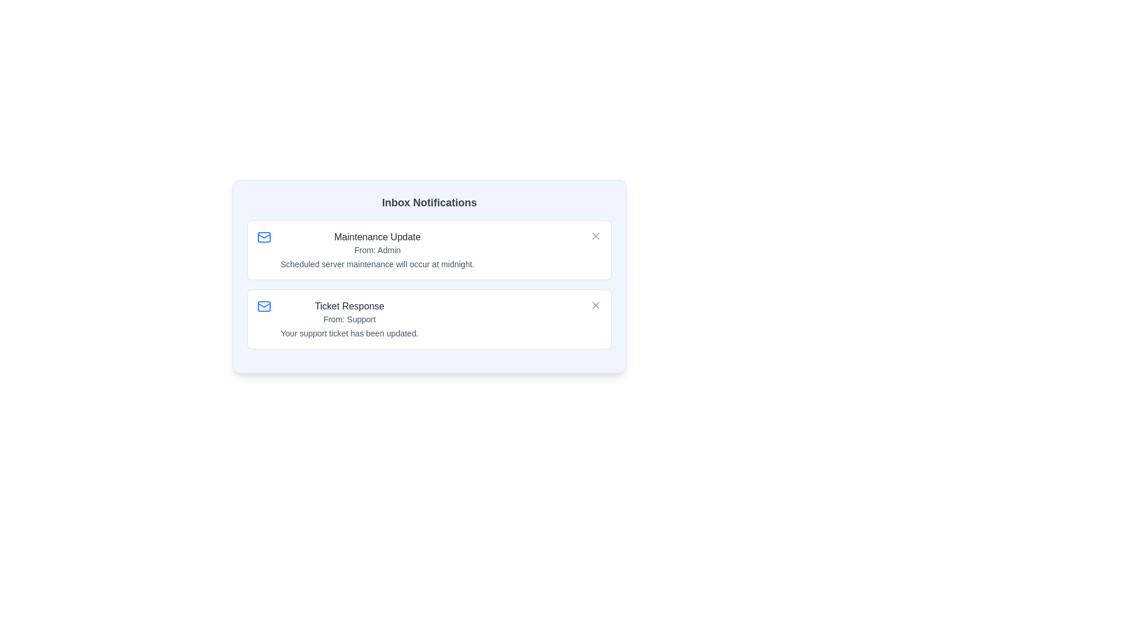 This screenshot has height=633, width=1125. I want to click on the 'X' button of the notification with subject Maintenance Update, so click(596, 236).